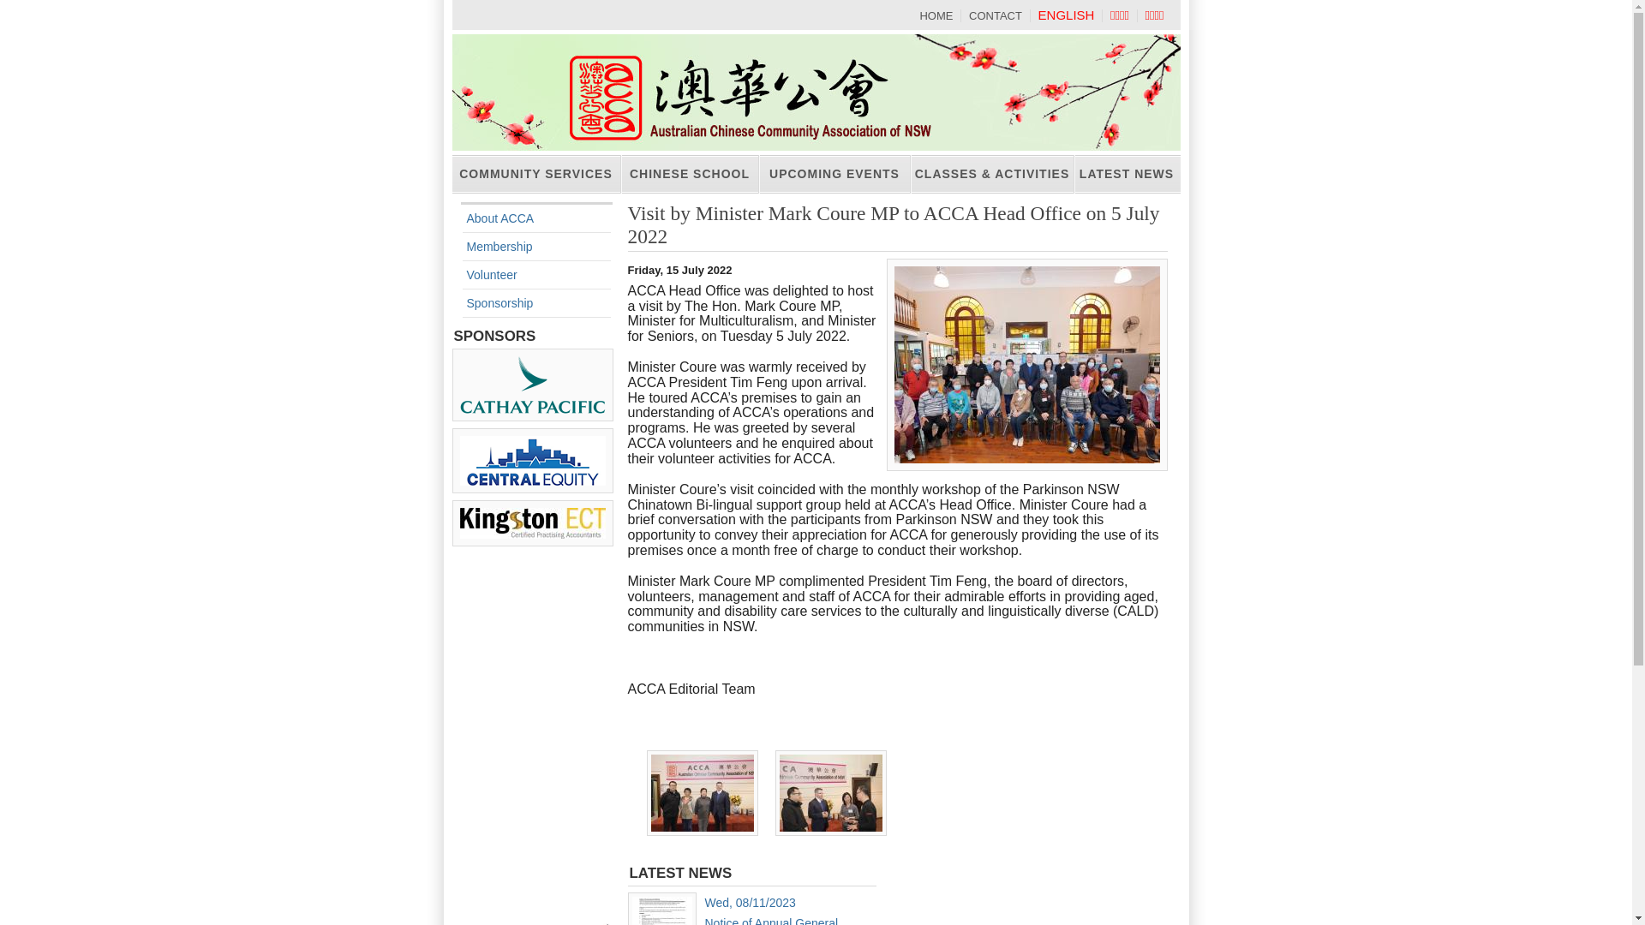 The height and width of the screenshot is (925, 1645). What do you see at coordinates (1037, 15) in the screenshot?
I see `'ENGLISH'` at bounding box center [1037, 15].